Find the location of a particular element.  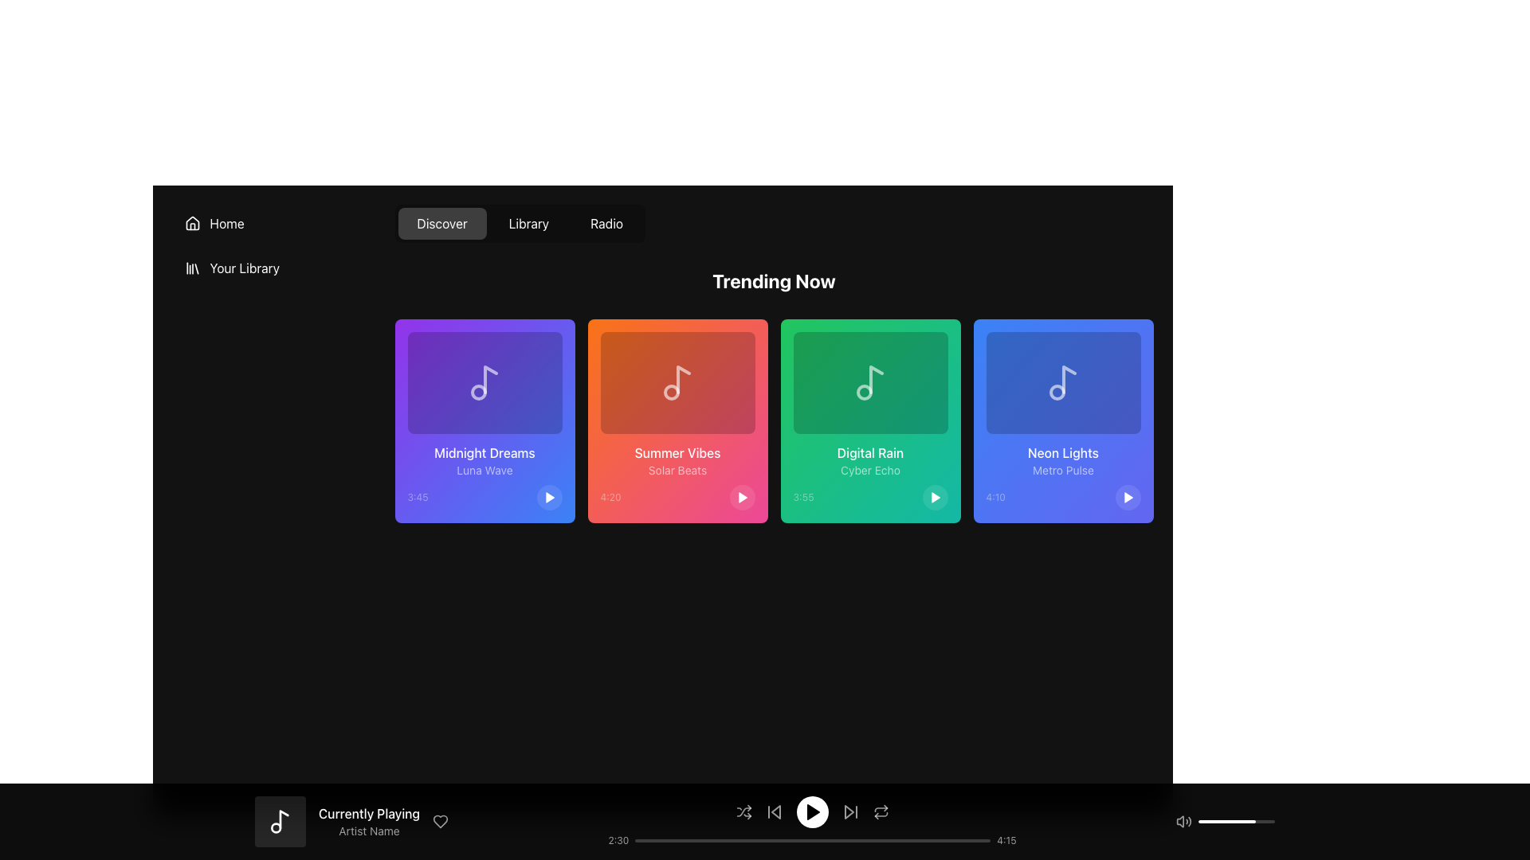

ornamental SVG Circle that enhances the music note icon within the blue music card labeled 'Neon Lights' in the 'Trending Now' section is located at coordinates (1057, 393).